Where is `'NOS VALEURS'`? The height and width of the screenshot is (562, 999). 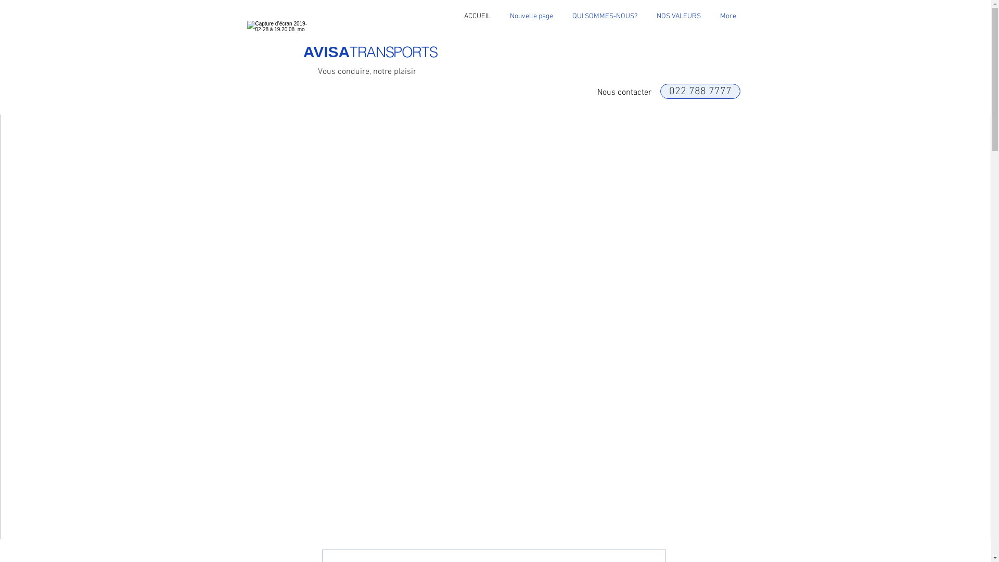 'NOS VALEURS' is located at coordinates (679, 16).